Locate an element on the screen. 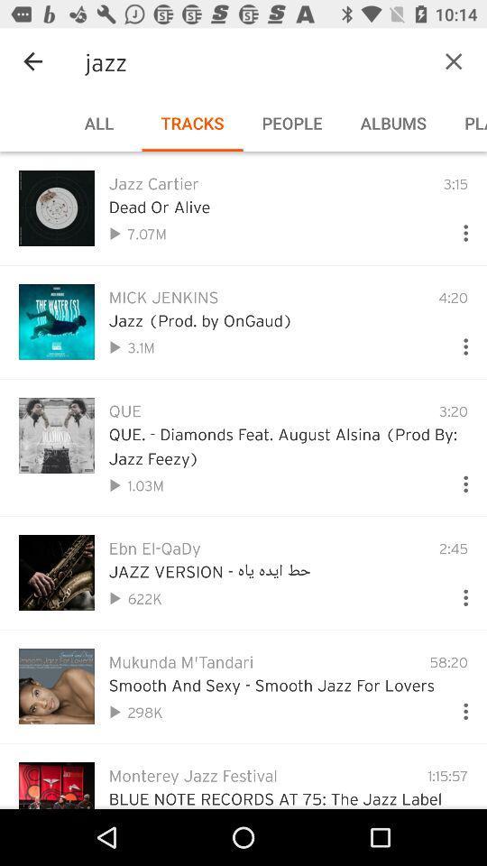 The height and width of the screenshot is (866, 487). options is located at coordinates (458, 593).